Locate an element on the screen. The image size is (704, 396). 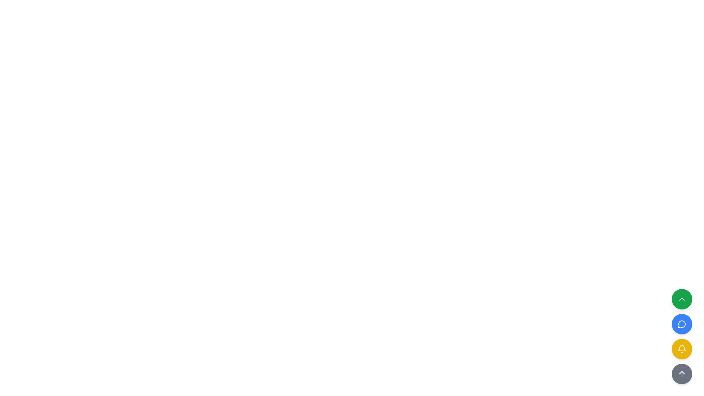
the button with an upward pointing white arrow icon, which is centrally placed within a circular gray background, to scroll to the top of the page is located at coordinates (682, 374).